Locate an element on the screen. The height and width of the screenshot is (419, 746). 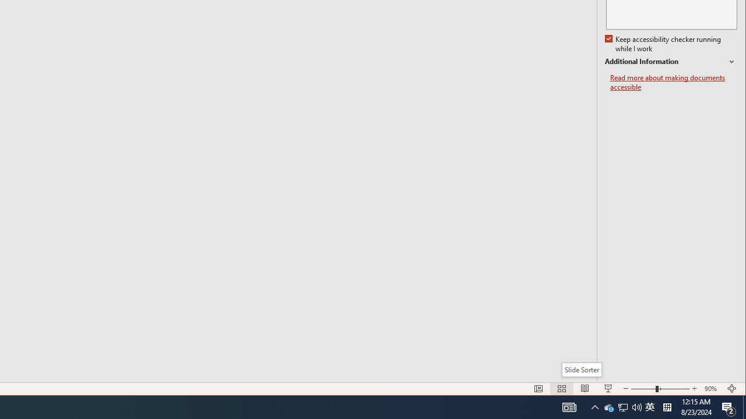
'User Promoted Notification Area' is located at coordinates (622, 406).